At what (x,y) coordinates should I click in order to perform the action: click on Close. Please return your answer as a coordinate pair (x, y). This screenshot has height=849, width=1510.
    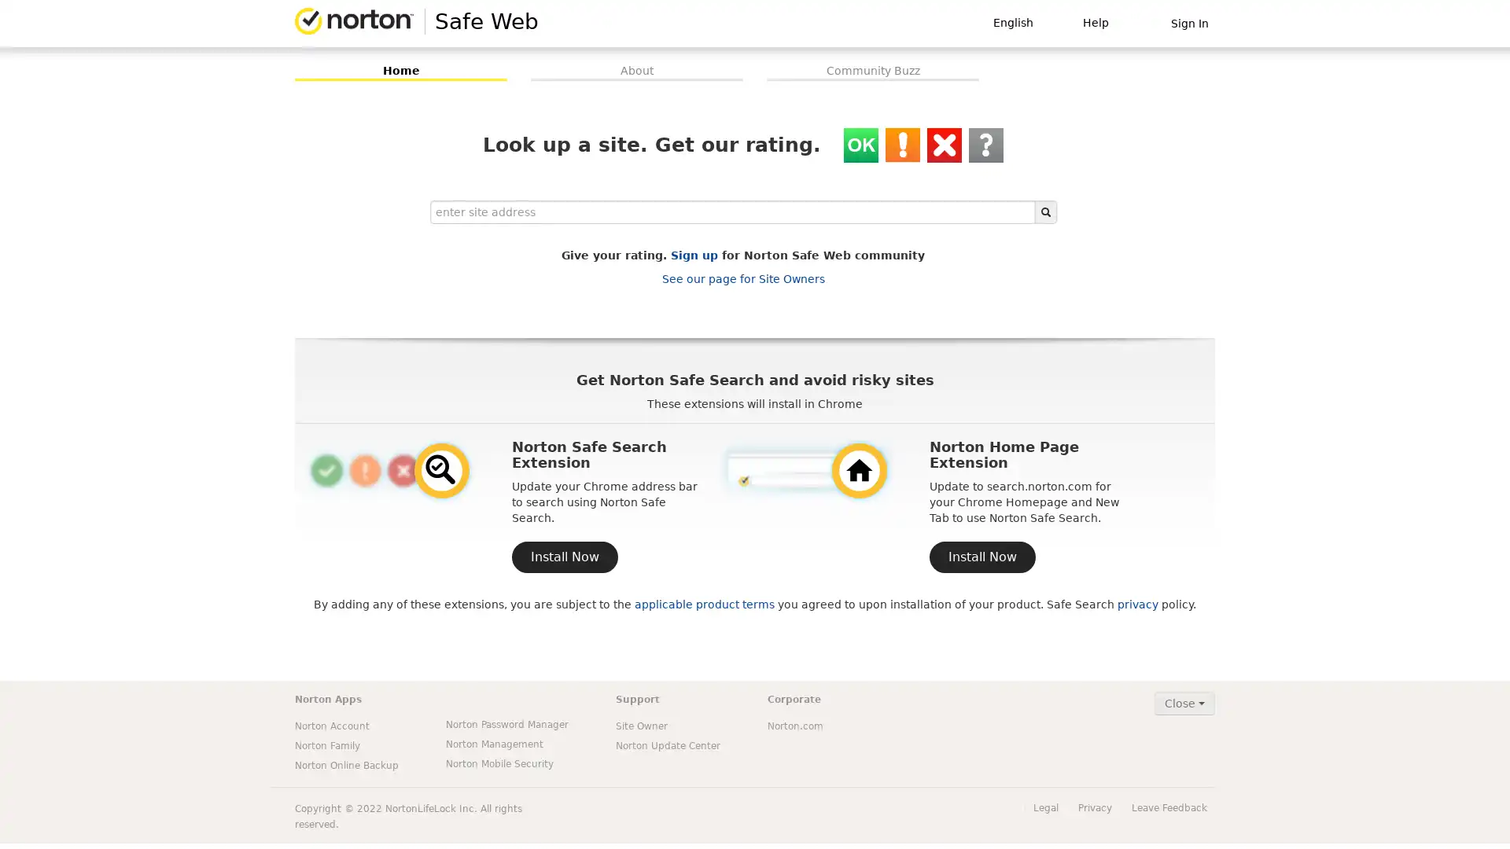
    Looking at the image, I should click on (1184, 702).